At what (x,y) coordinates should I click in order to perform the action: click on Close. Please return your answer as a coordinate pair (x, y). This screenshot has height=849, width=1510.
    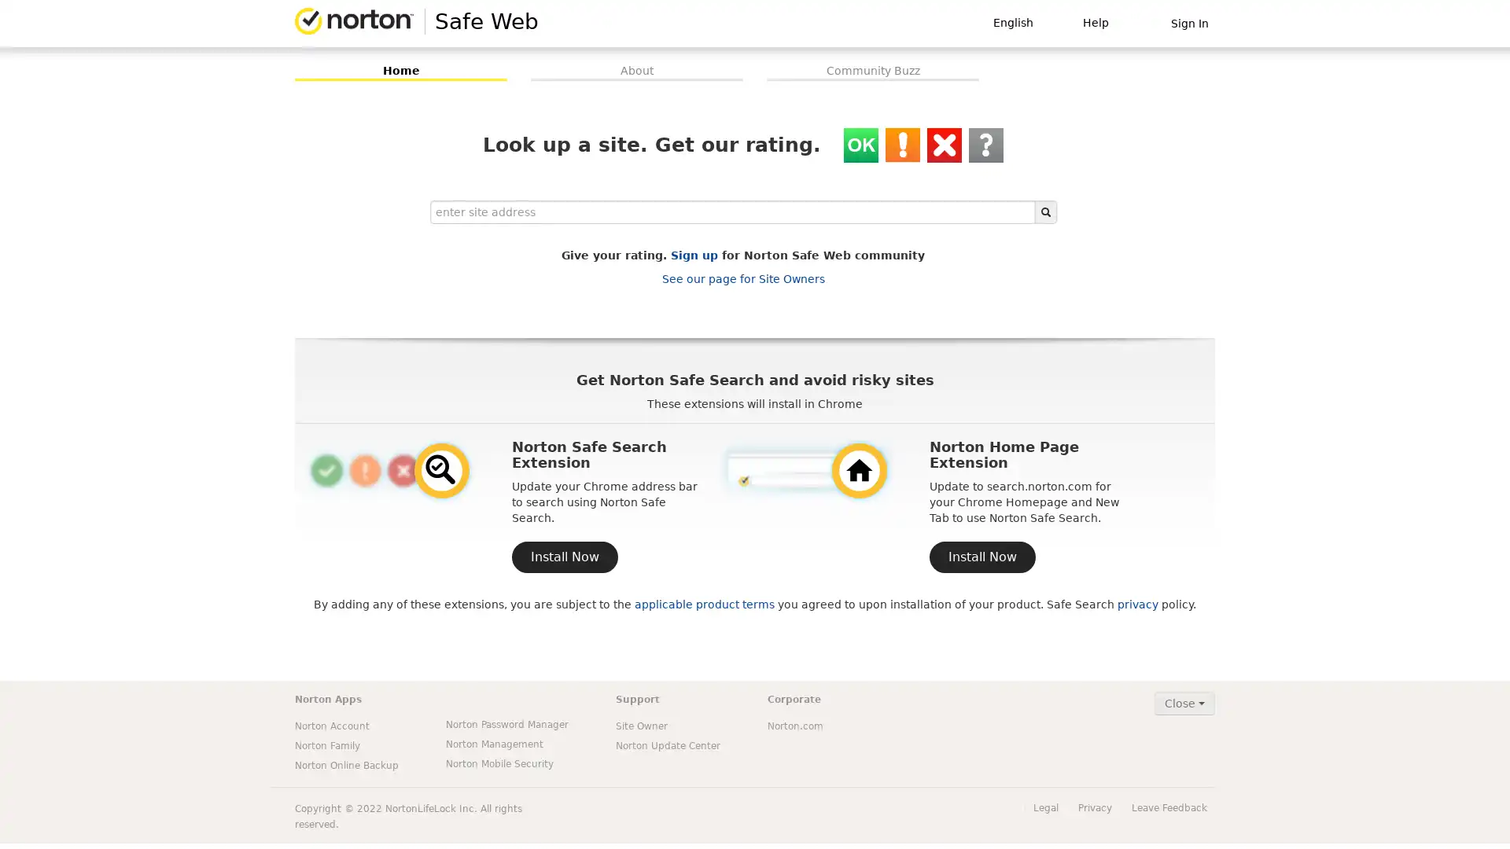
    Looking at the image, I should click on (1184, 702).